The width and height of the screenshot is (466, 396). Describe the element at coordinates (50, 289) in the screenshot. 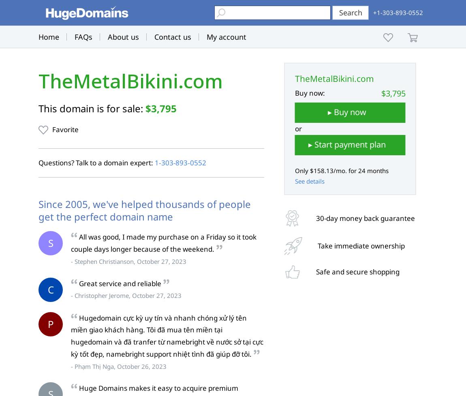

I see `'C'` at that location.